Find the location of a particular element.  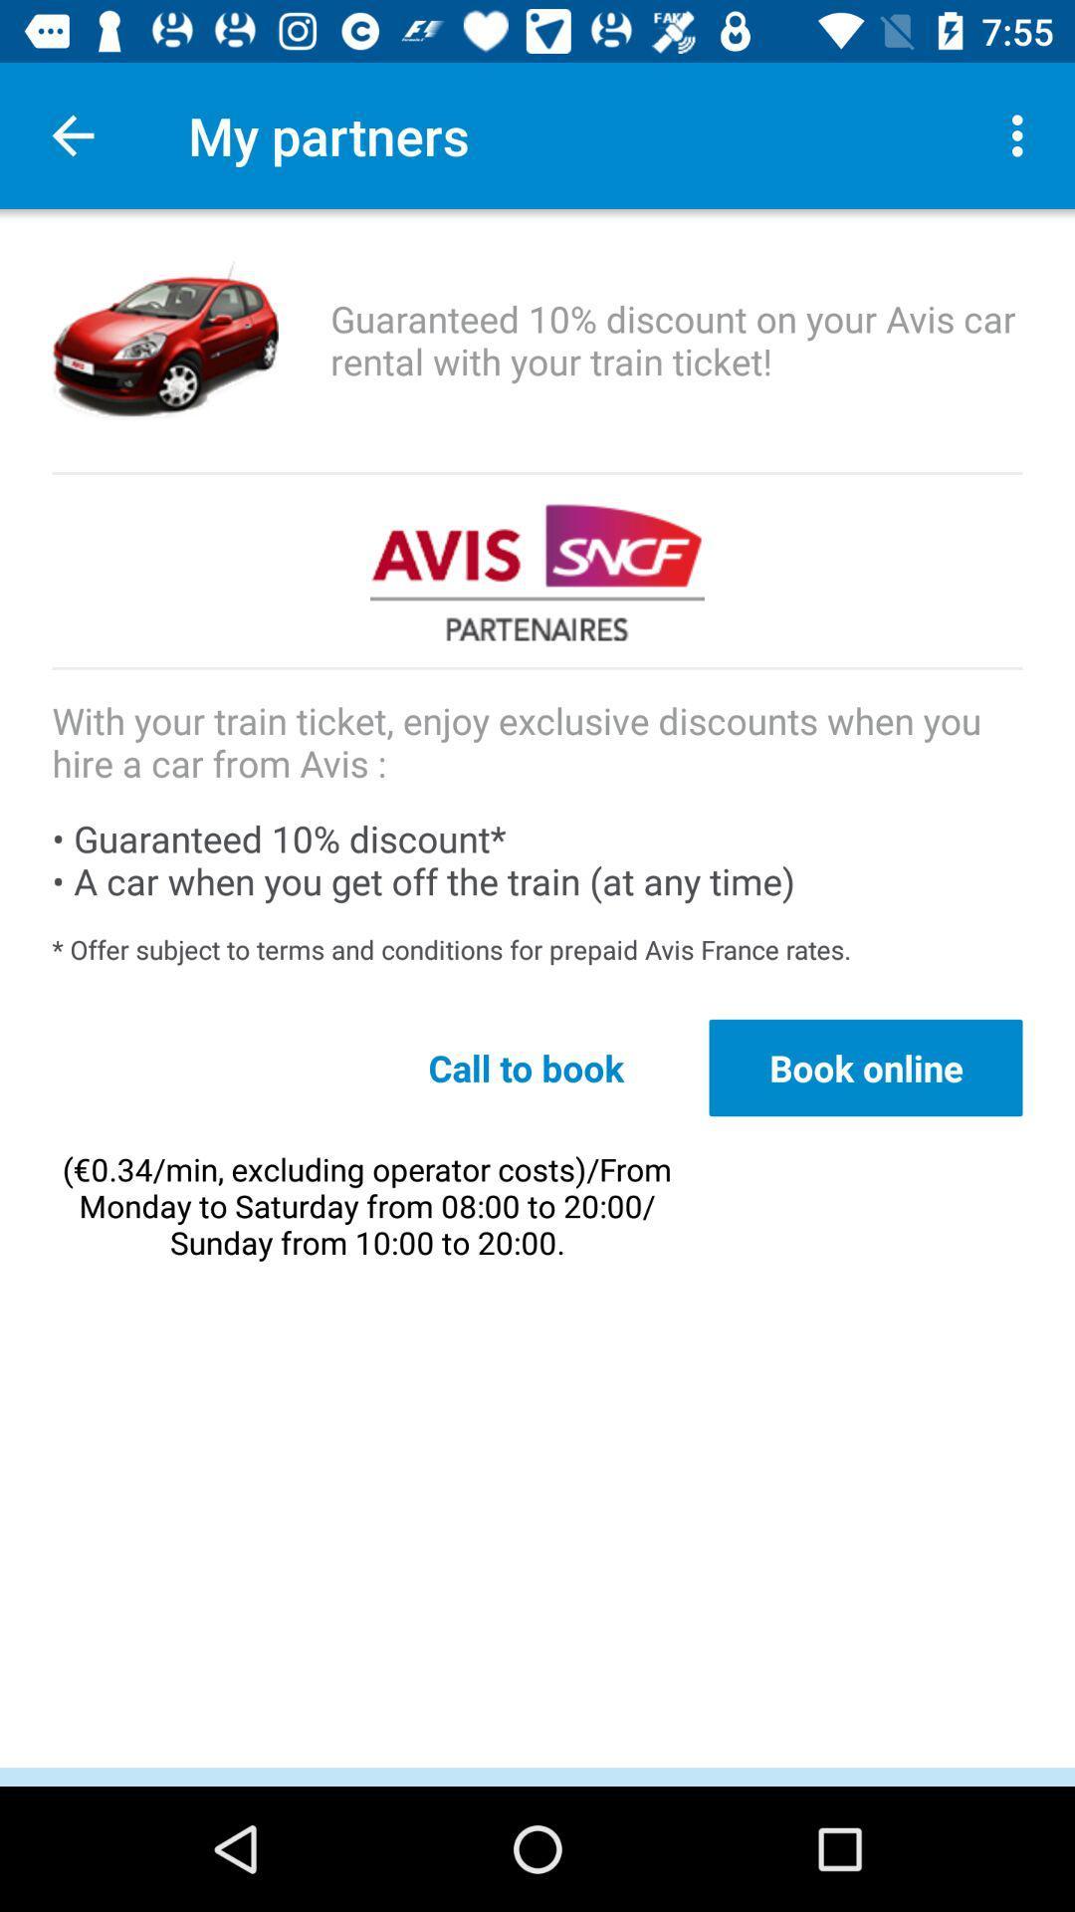

item to the left of the my partners icon is located at coordinates (72, 134).